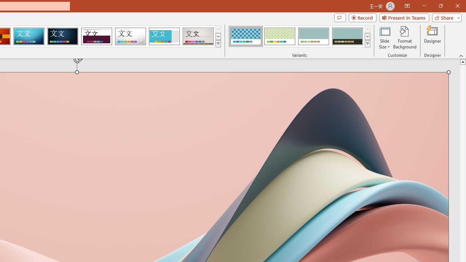 This screenshot has height=262, width=466. Describe the element at coordinates (347, 36) in the screenshot. I see `'Integral Variant 4'` at that location.